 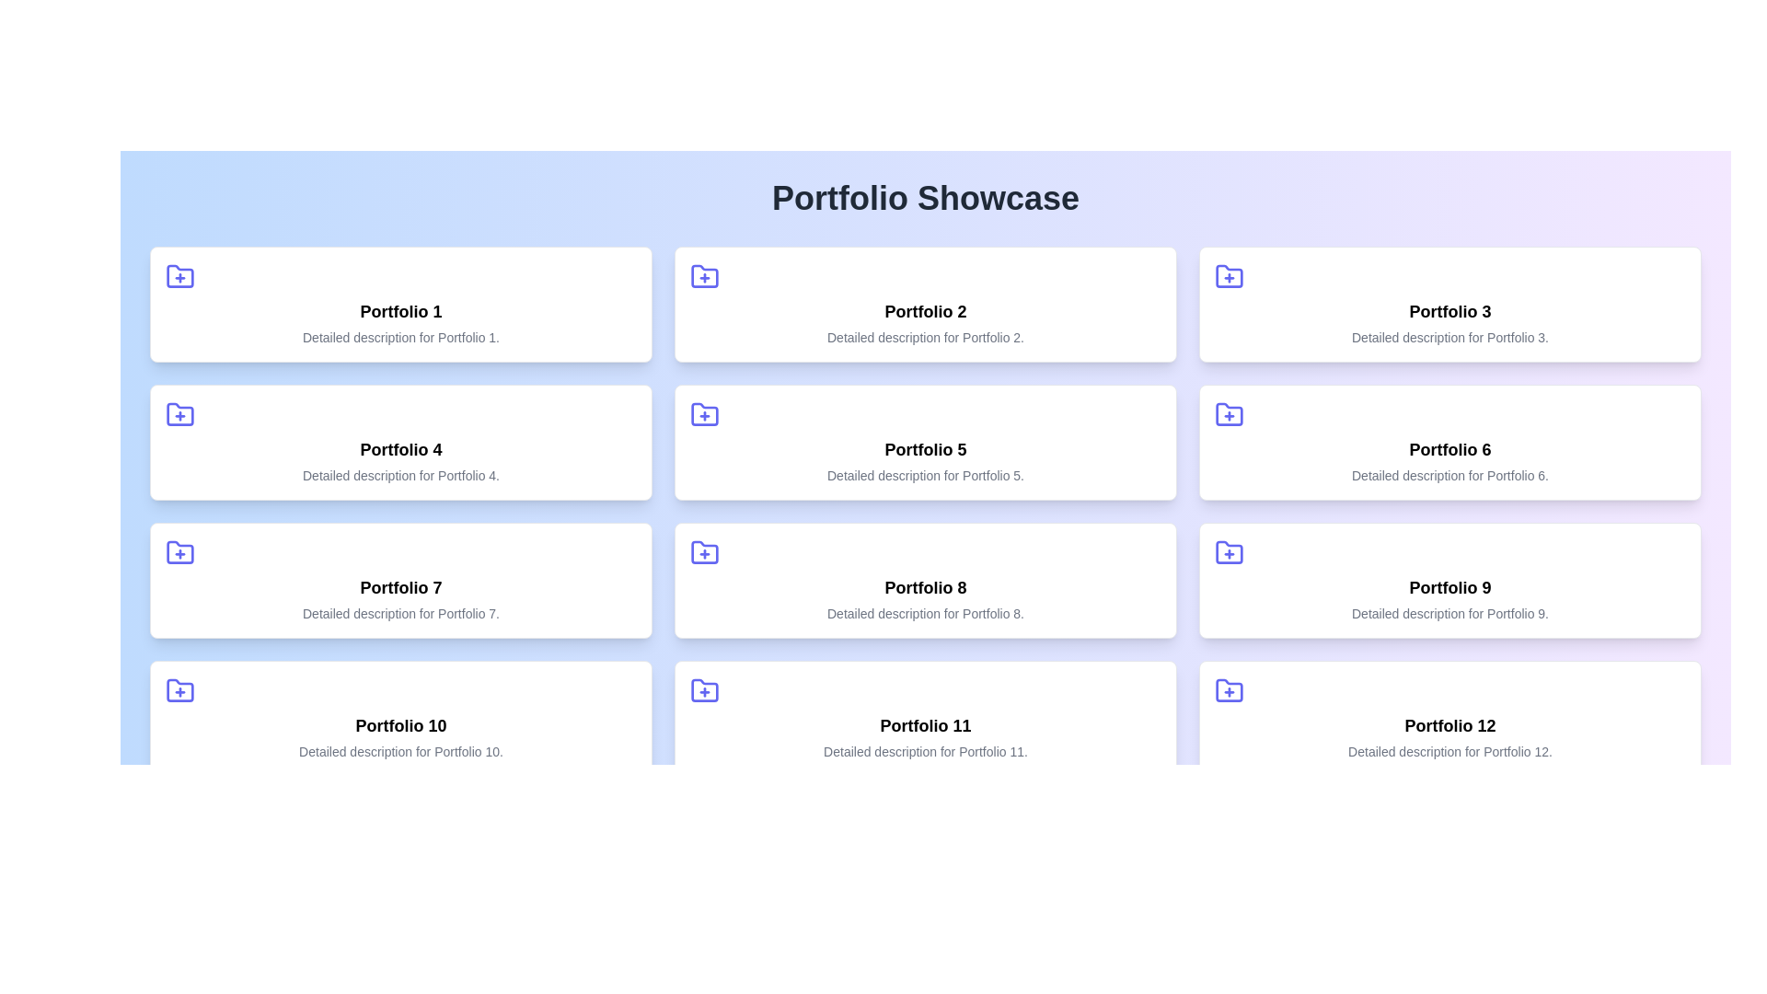 What do you see at coordinates (400, 588) in the screenshot?
I see `the bold title text 'Portfolio 7' which is centrally aligned in the seventh card of a grid layout` at bounding box center [400, 588].